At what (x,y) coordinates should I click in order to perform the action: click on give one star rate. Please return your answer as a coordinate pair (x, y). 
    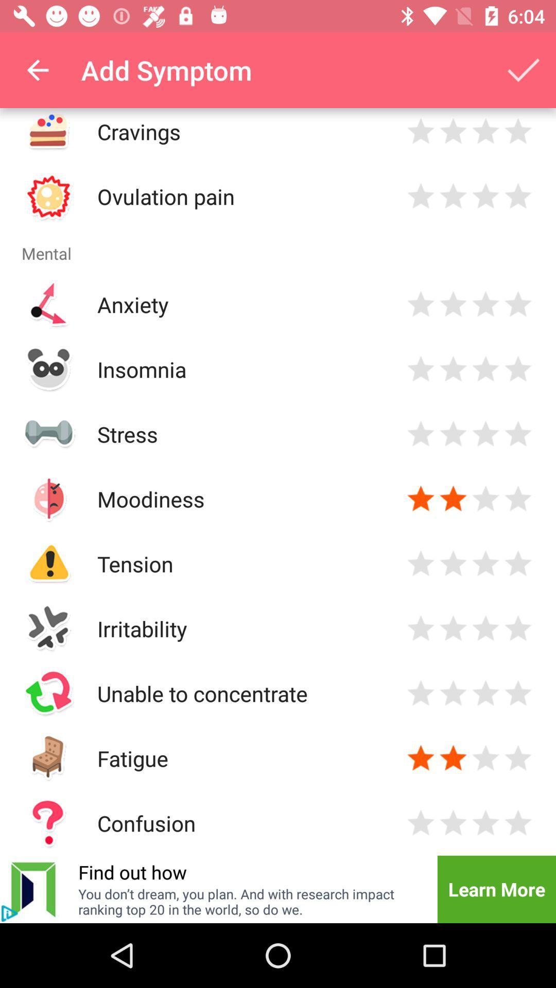
    Looking at the image, I should click on (421, 131).